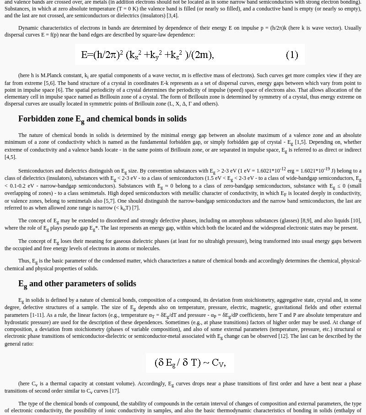  What do you see at coordinates (81, 283) in the screenshot?
I see `'and other parameters of solids'` at bounding box center [81, 283].